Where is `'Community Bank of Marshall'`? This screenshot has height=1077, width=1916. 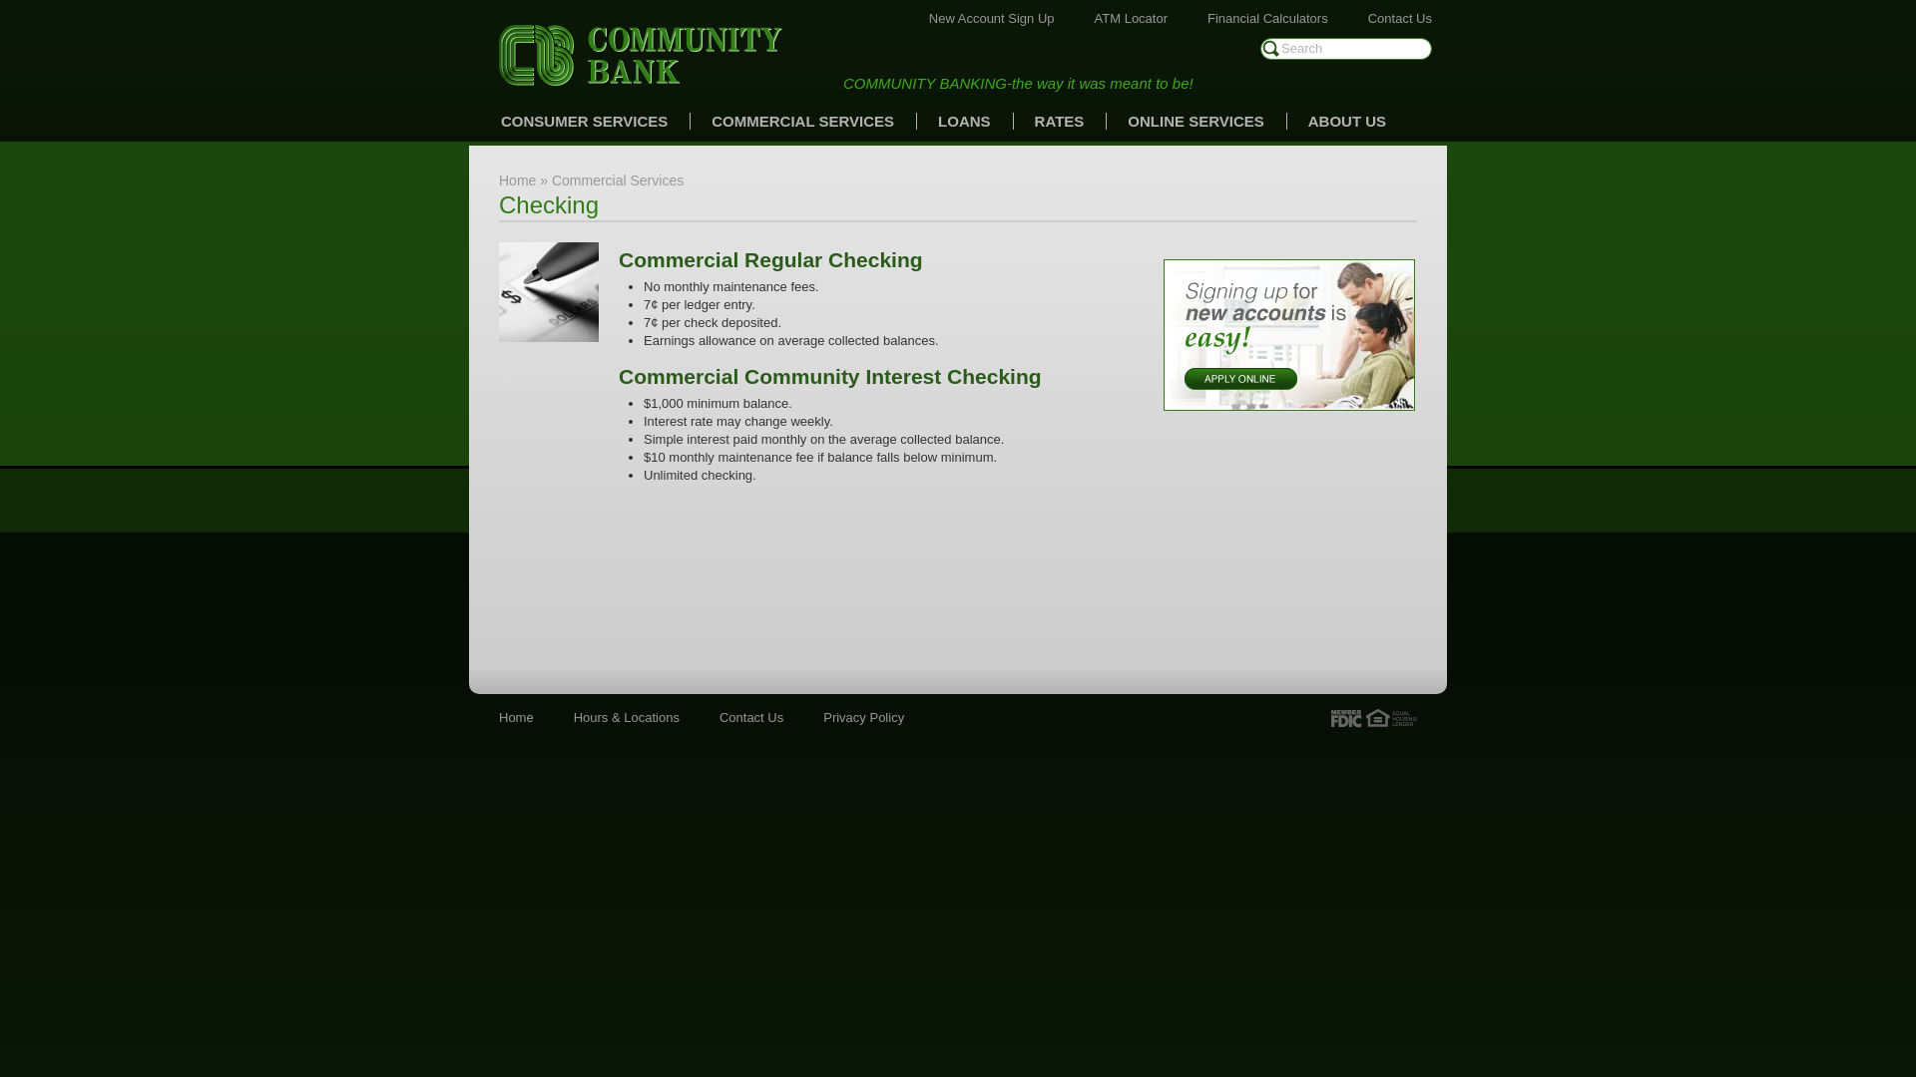 'Community Bank of Marshall' is located at coordinates (498, 54).